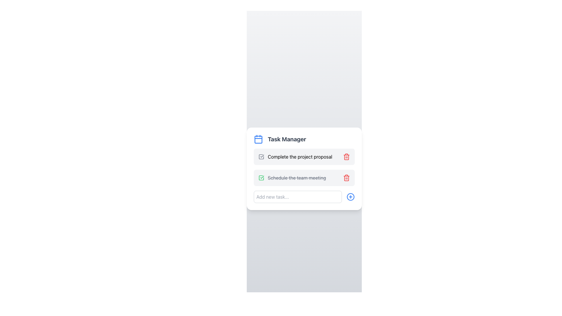 The height and width of the screenshot is (316, 562). I want to click on the calendar SVG icon located in the header section of the 'Task Manager' interface, so click(258, 139).